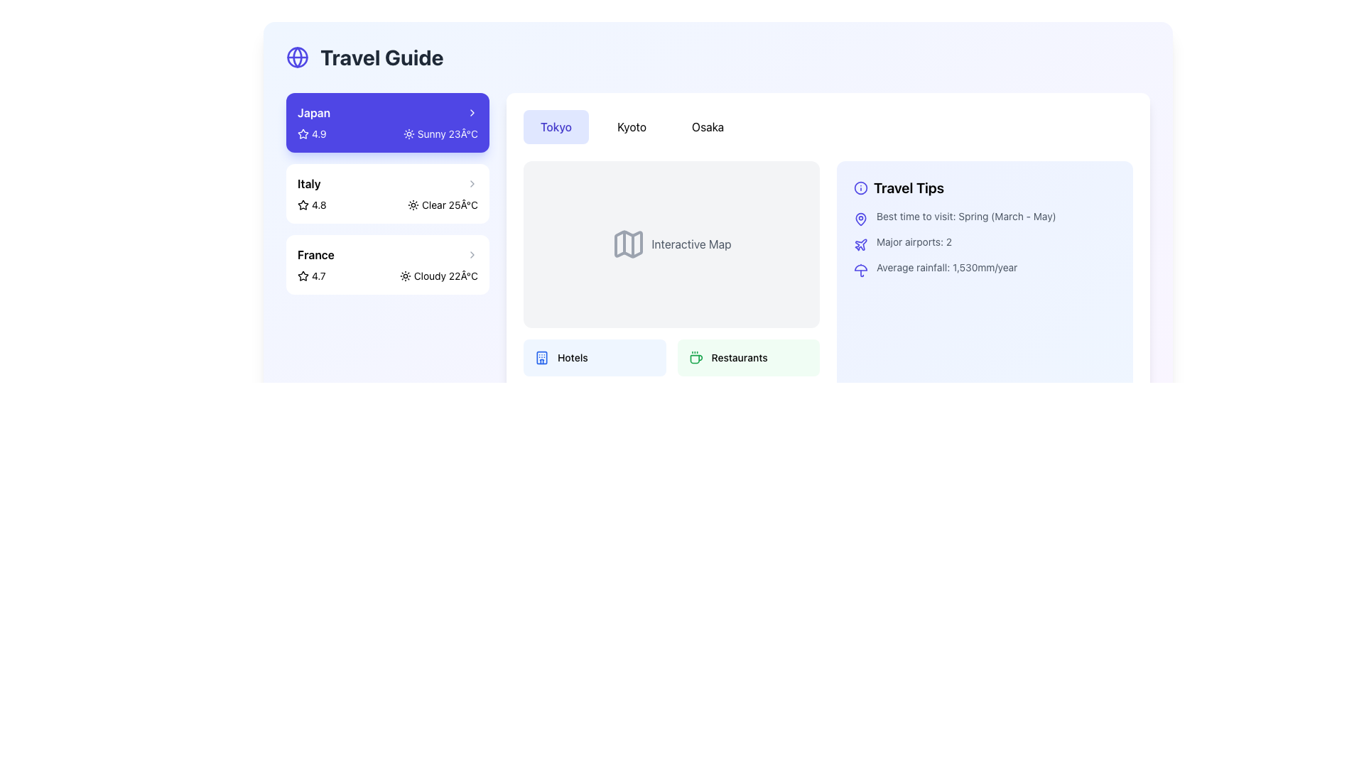  What do you see at coordinates (541, 356) in the screenshot?
I see `the 'Hotels' icon located in the bottom navigation bar, which has a light blue background and is positioned to the left of the 'Hotels' text` at bounding box center [541, 356].